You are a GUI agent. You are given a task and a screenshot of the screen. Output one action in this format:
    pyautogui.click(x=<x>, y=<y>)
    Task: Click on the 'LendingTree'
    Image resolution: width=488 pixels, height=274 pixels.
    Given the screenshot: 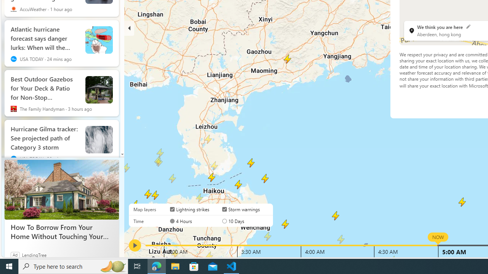 What is the action you would take?
    pyautogui.click(x=34, y=255)
    